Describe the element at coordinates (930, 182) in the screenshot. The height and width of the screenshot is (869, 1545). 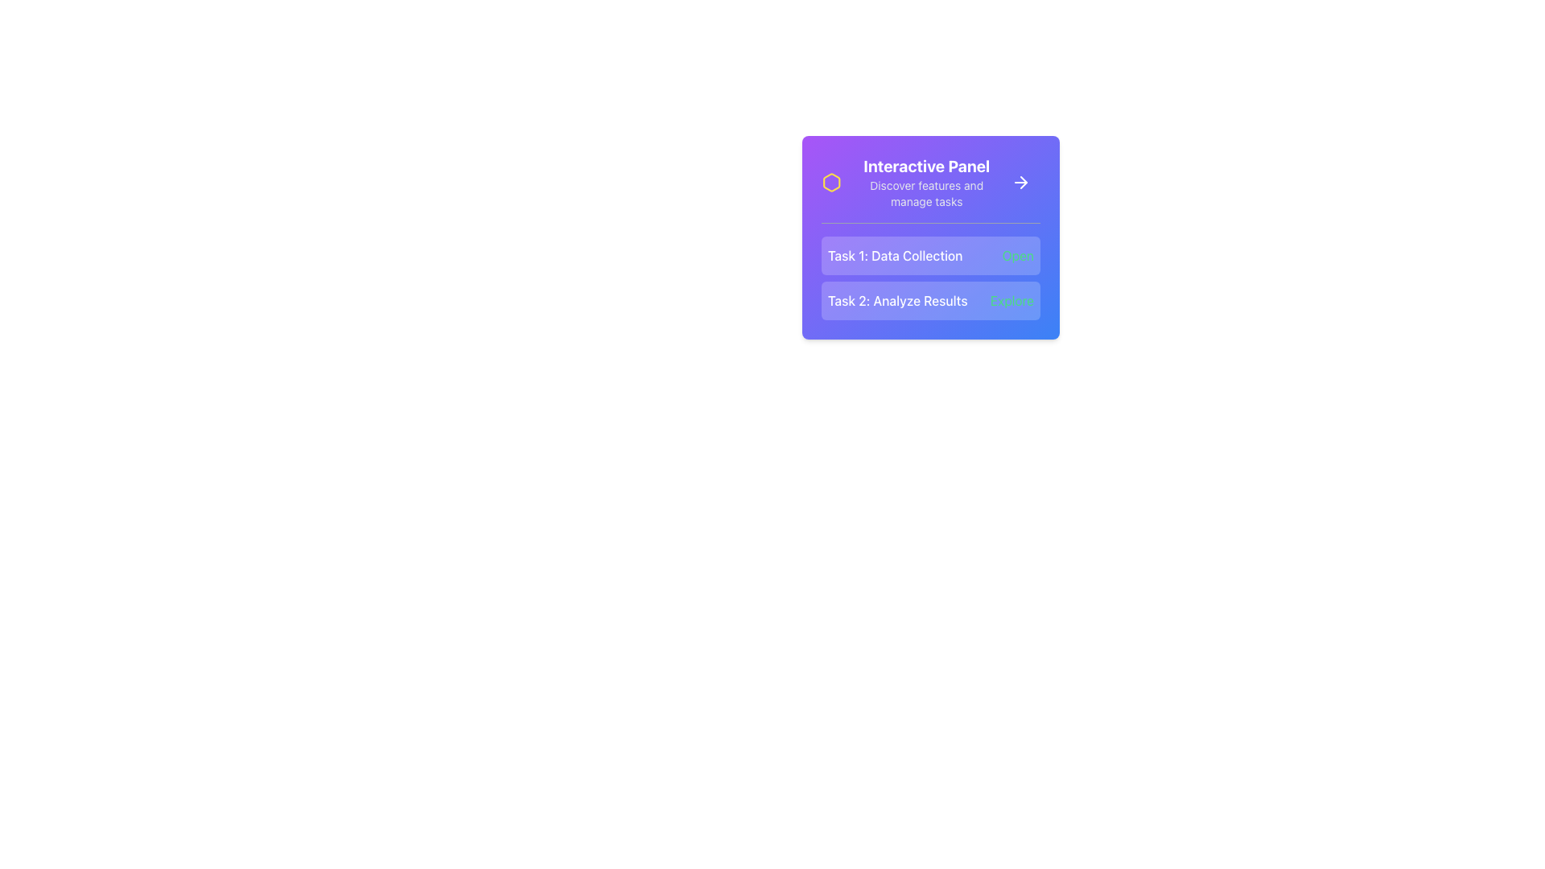
I see `the subtitle of the header element at the top section of the card layout to gather further details` at that location.